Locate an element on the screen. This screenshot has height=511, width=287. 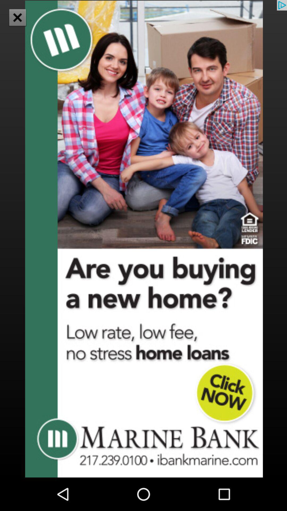
the close icon is located at coordinates (17, 17).